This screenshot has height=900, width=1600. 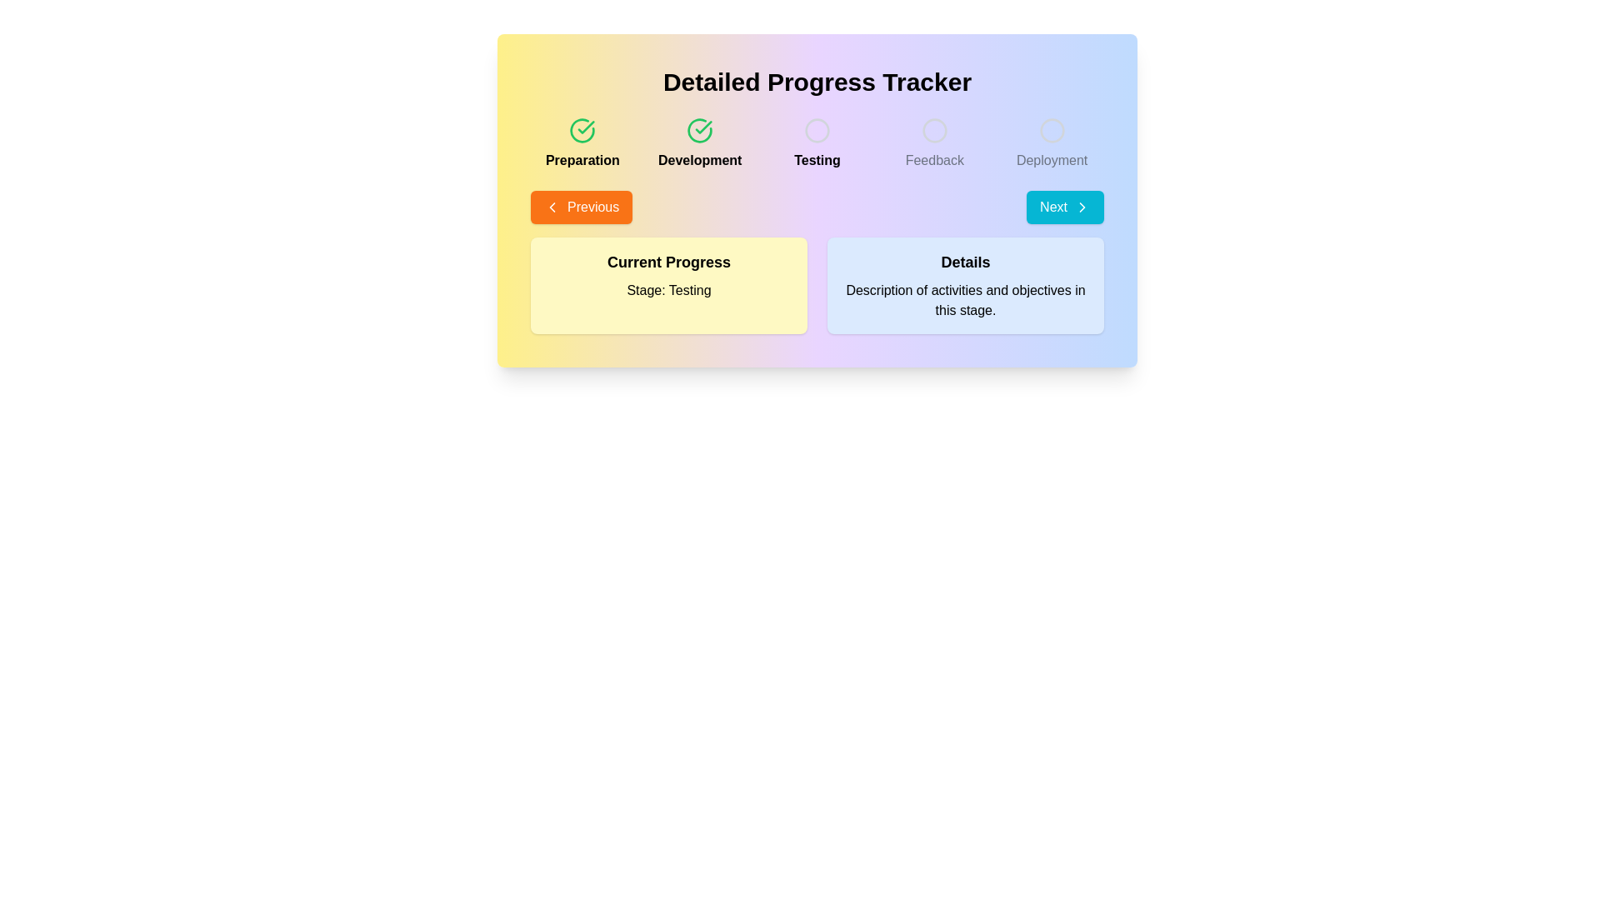 I want to click on the 'Feedback' label which indicates the fourth stage in a horizontal progress tracker, positioned below its corresponding circle indicator, so click(x=934, y=160).